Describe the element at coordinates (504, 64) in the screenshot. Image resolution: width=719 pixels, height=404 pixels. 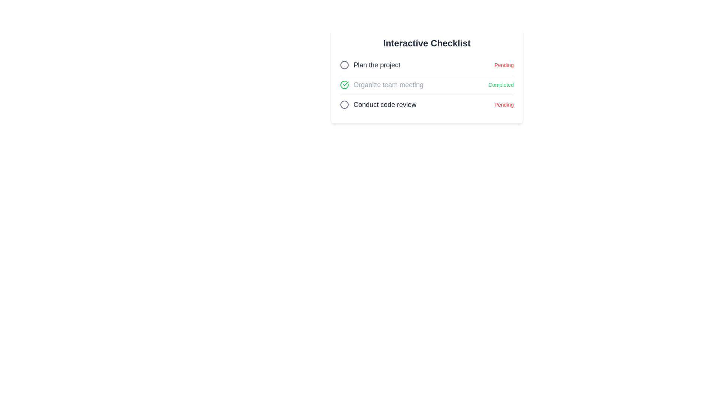
I see `the status Text Label indicating that the task 'Plan the project' is currently not completed, which is located to the far right of the row labeled 'Plan the project'` at that location.